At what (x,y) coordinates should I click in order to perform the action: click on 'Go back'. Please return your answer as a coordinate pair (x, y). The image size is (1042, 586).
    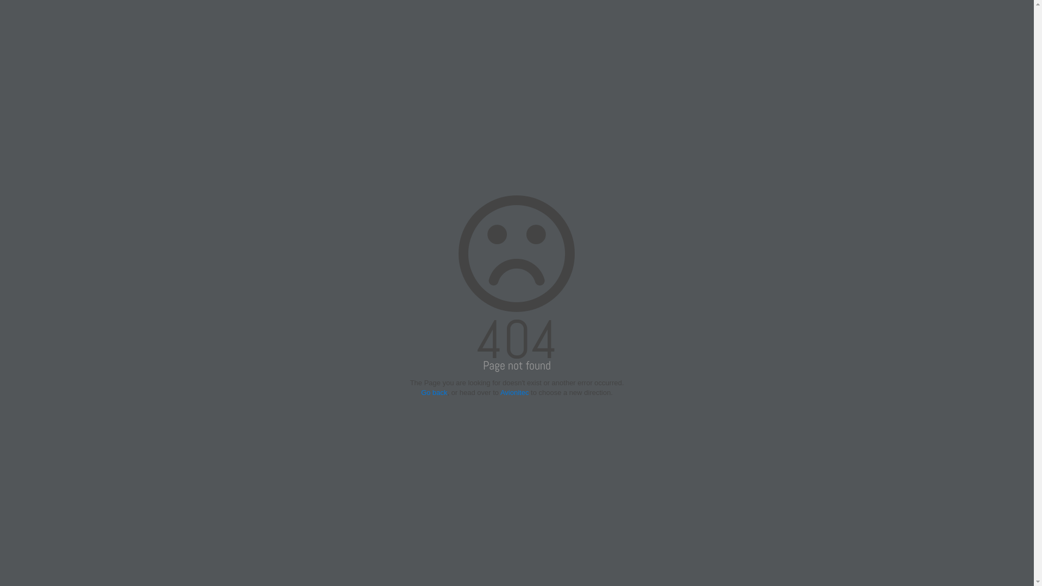
    Looking at the image, I should click on (421, 392).